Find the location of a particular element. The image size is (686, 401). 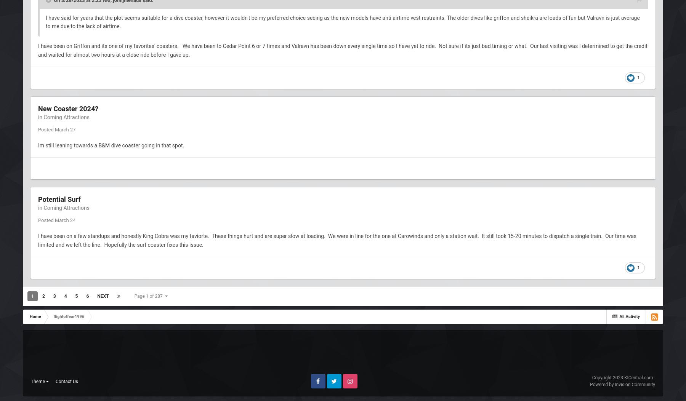

'Contact Us' is located at coordinates (66, 351).